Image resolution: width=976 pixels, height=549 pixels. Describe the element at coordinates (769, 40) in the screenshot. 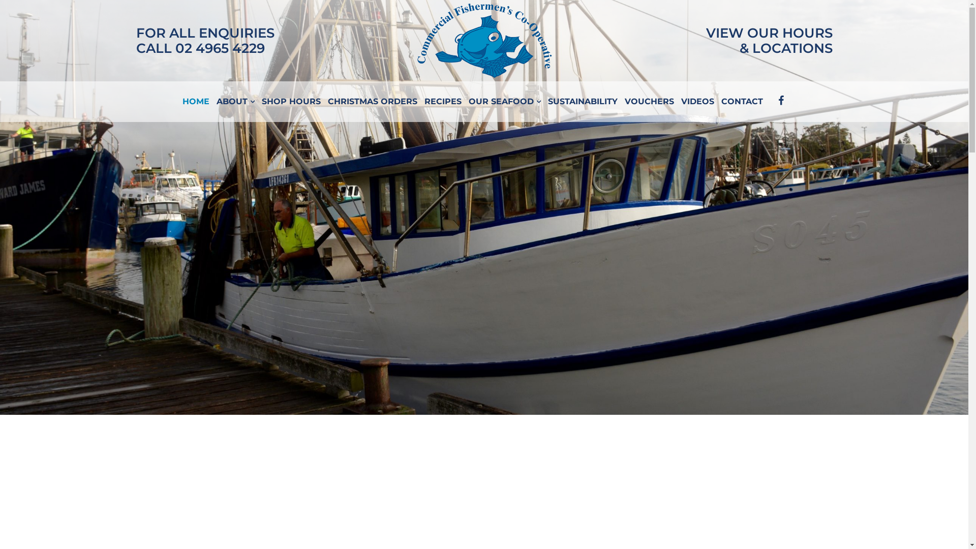

I see `'VIEW OUR HOURS` at that location.